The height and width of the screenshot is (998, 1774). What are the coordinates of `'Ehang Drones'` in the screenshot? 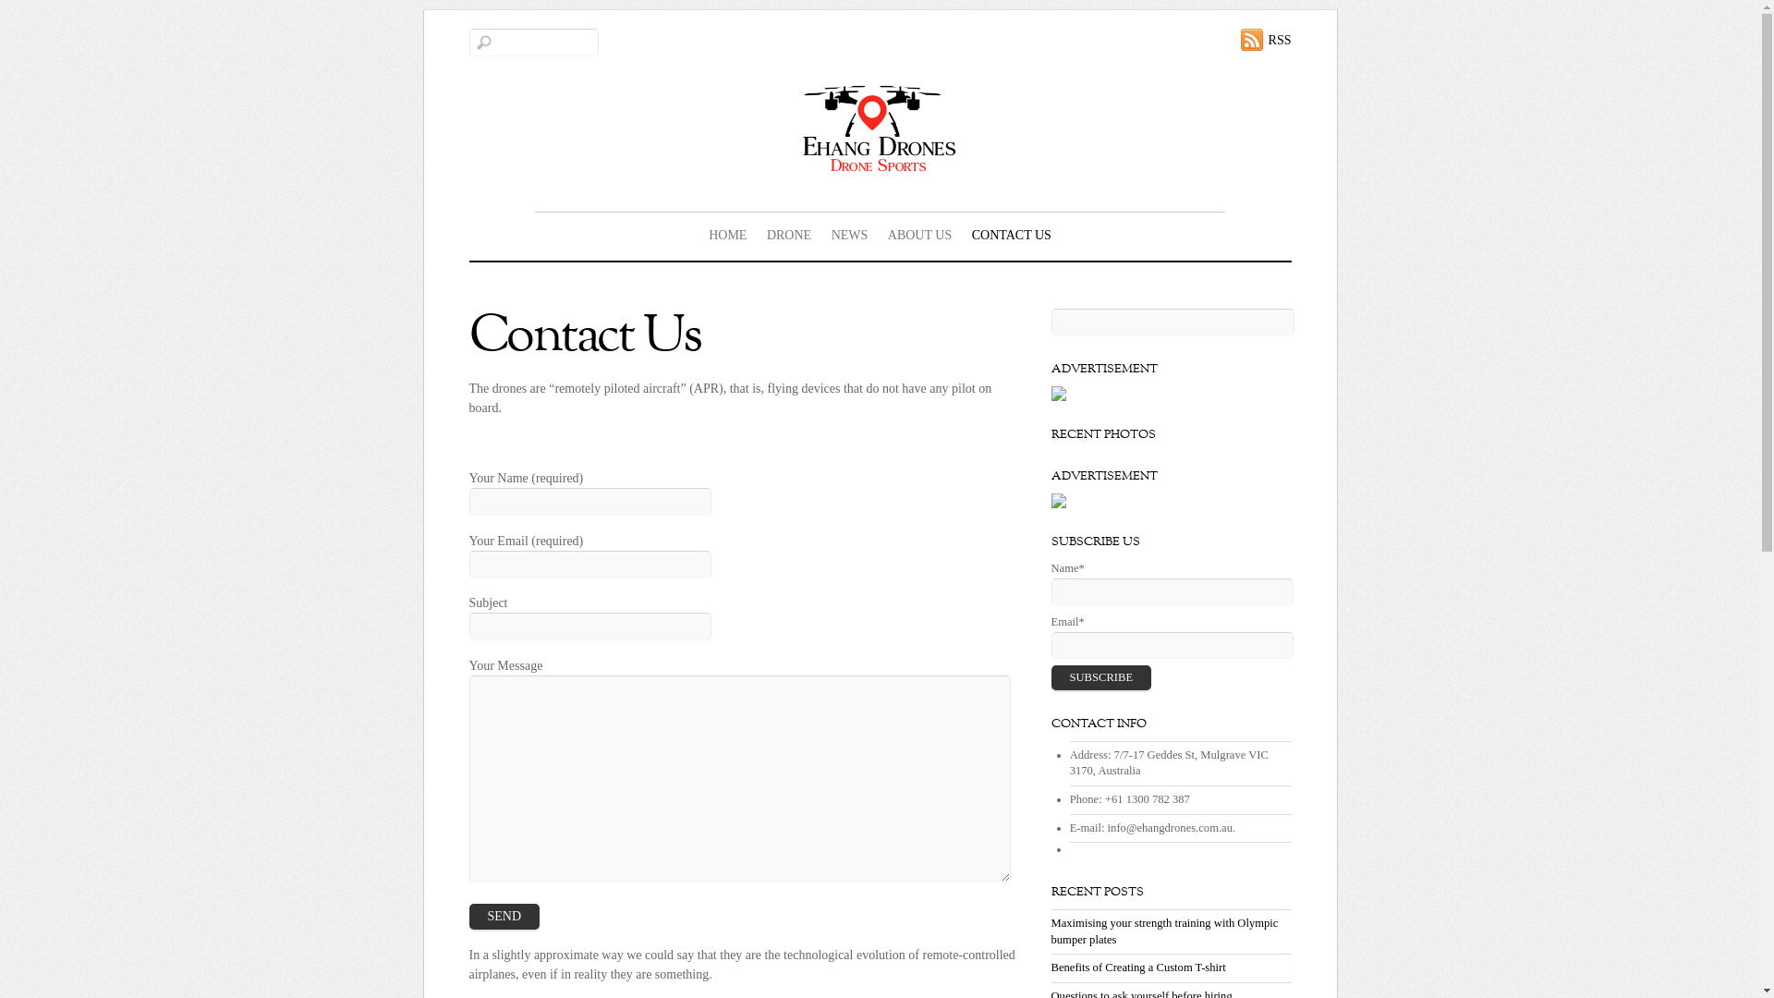 It's located at (878, 166).